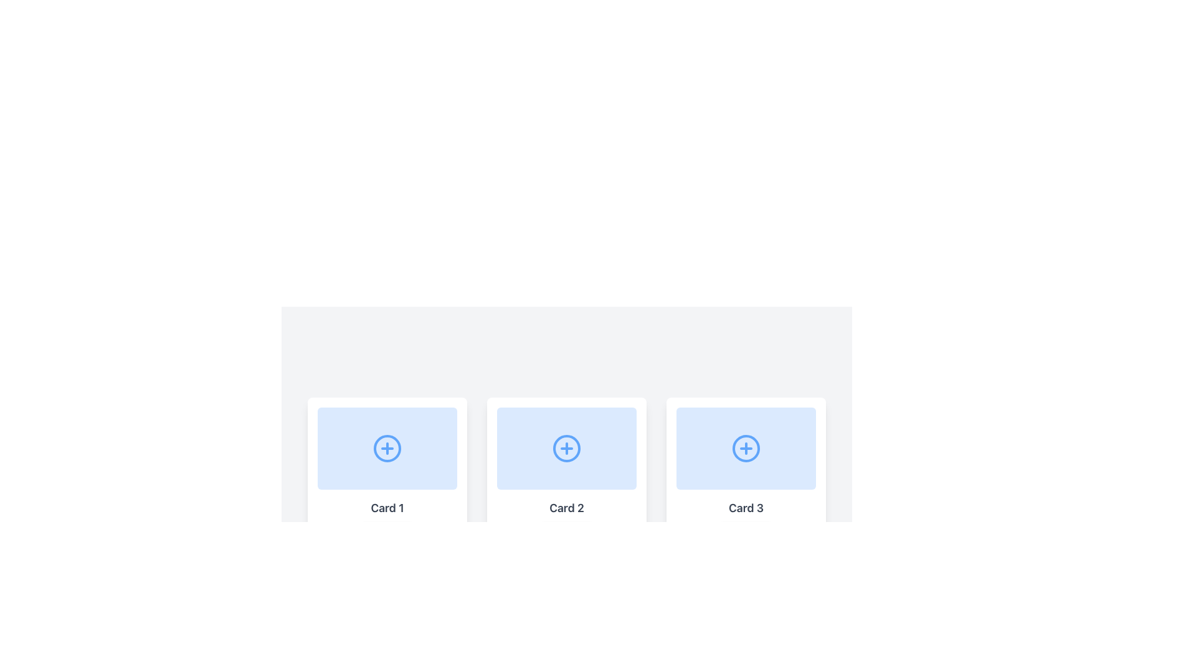  I want to click on the icon button located at the center of the second card in a horizontal sequence of three cards, so click(566, 449).